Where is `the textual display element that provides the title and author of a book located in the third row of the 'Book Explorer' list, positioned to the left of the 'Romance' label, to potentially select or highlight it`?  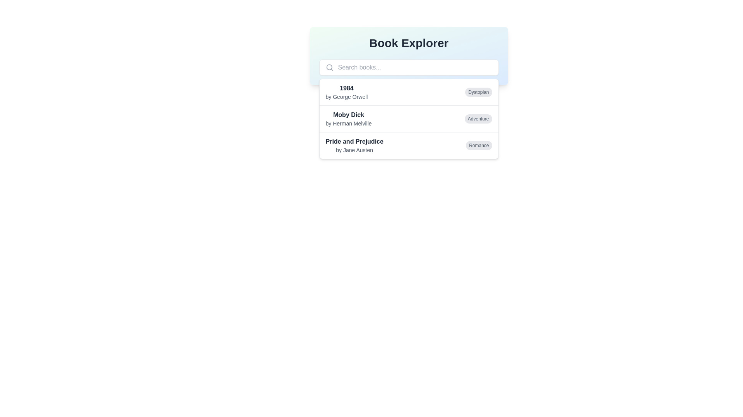
the textual display element that provides the title and author of a book located in the third row of the 'Book Explorer' list, positioned to the left of the 'Romance' label, to potentially select or highlight it is located at coordinates (354, 146).